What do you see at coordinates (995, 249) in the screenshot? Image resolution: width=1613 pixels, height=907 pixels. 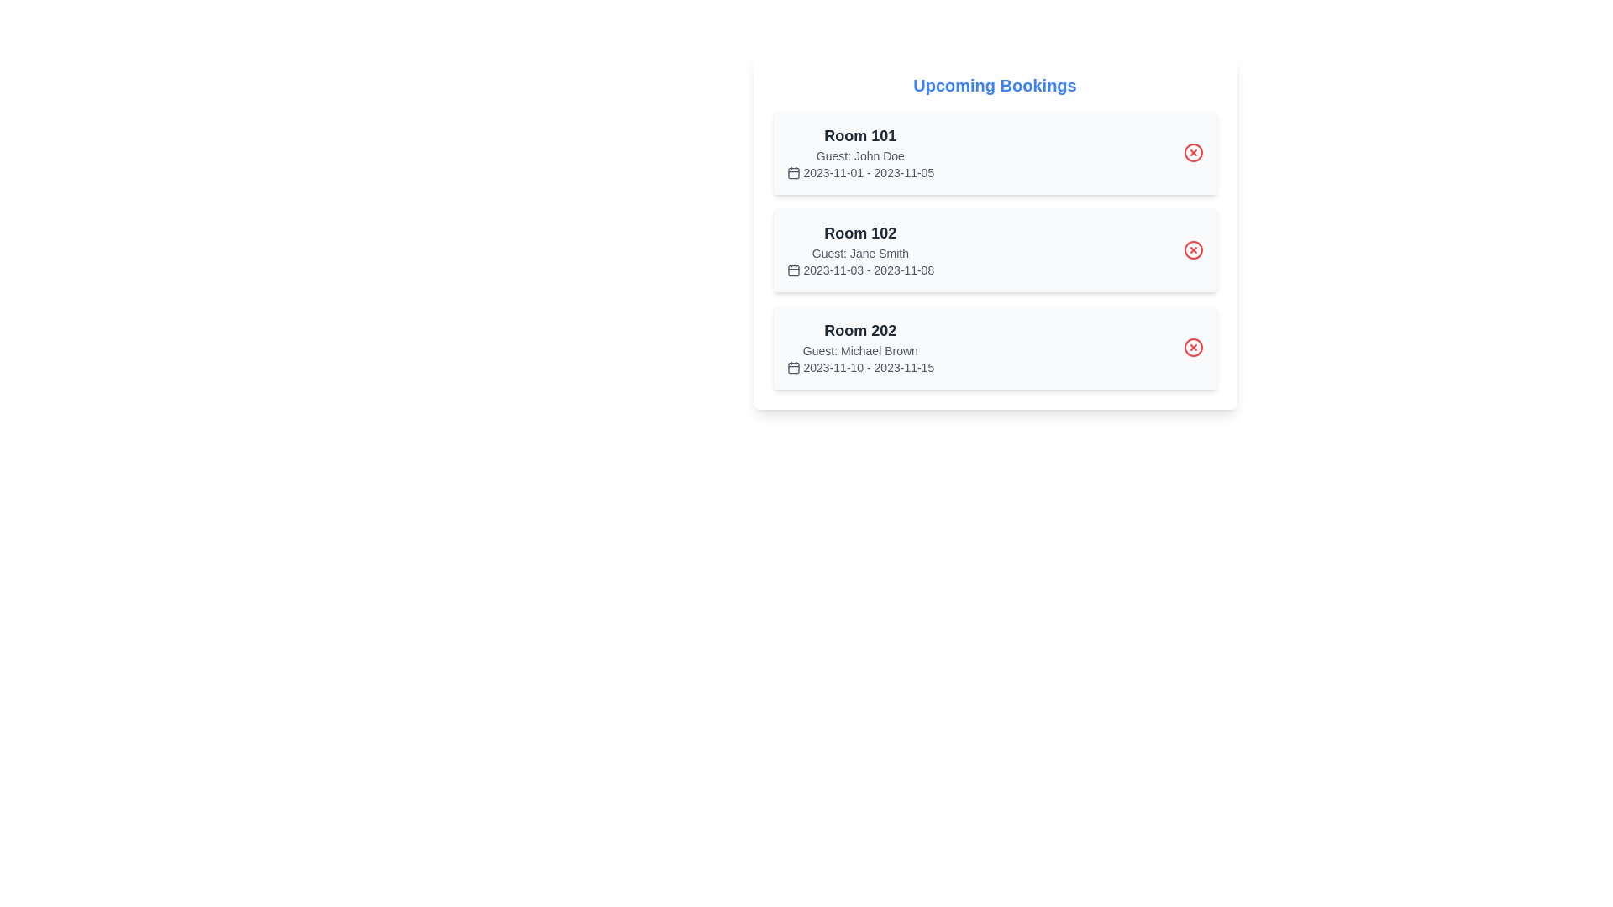 I see `the second item in the list of booking details, which represents 'Room 102'` at bounding box center [995, 249].